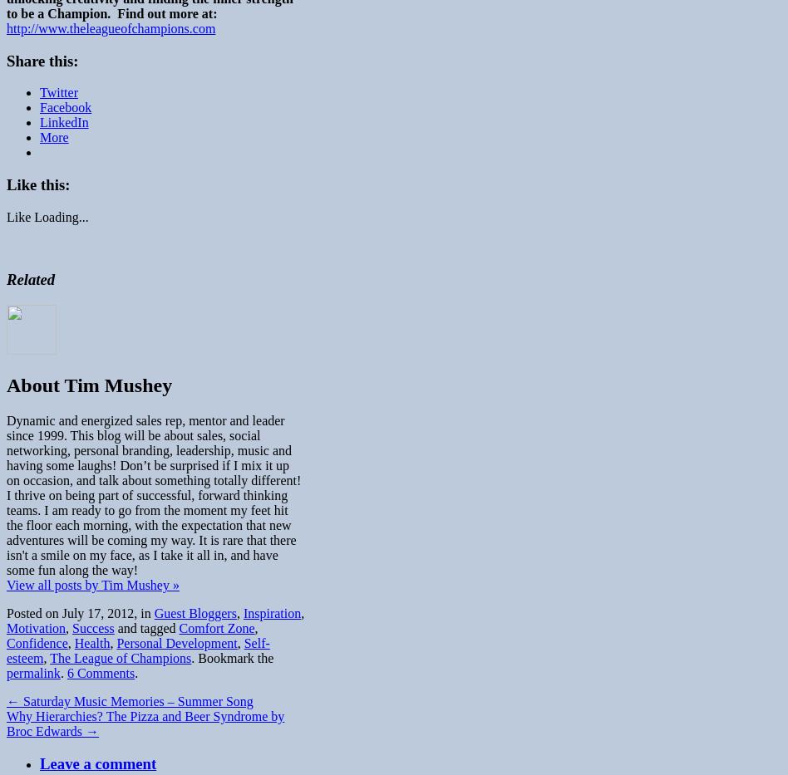  Describe the element at coordinates (80, 612) in the screenshot. I see `'Posted on July 17, 2012, in'` at that location.